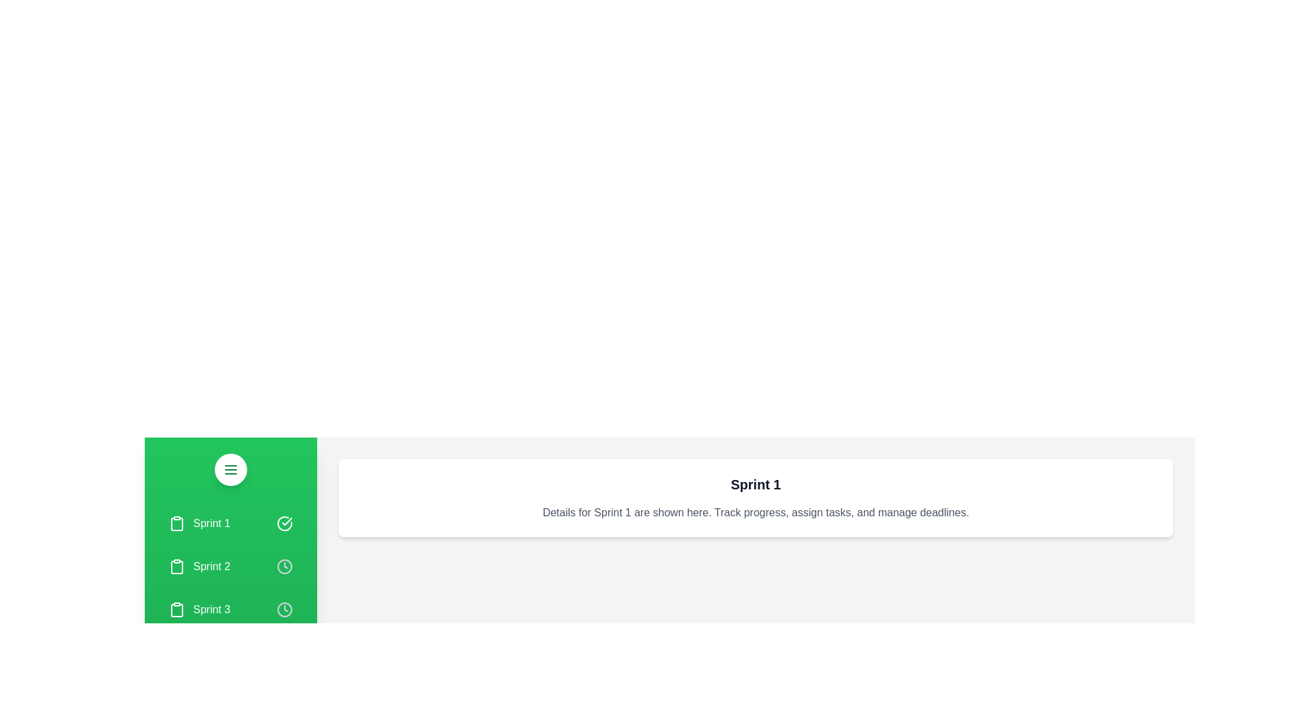 This screenshot has width=1293, height=727. I want to click on the icon associated with Sprint 1 to interact with it, so click(284, 523).